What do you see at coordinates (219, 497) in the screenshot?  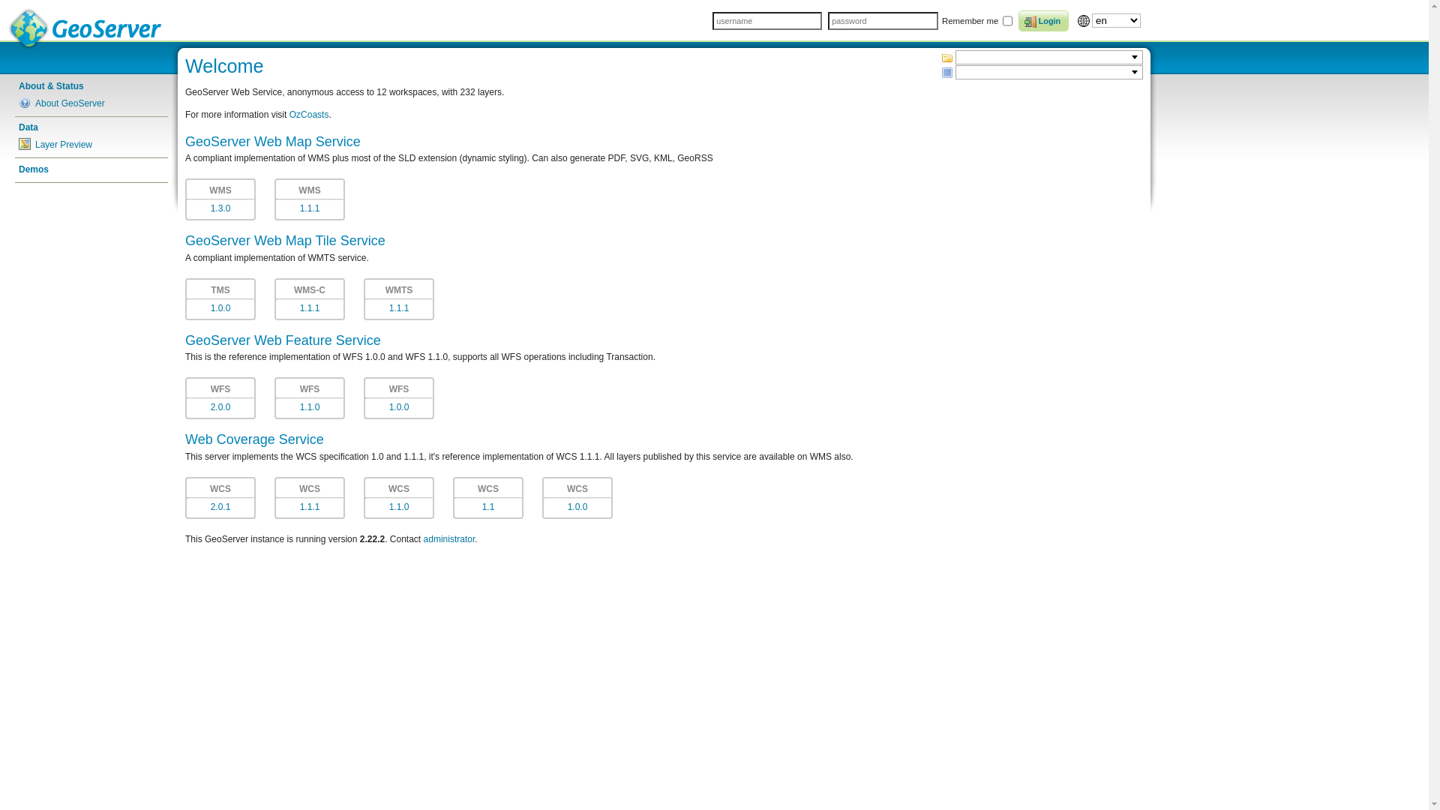 I see `'WCS` at bounding box center [219, 497].